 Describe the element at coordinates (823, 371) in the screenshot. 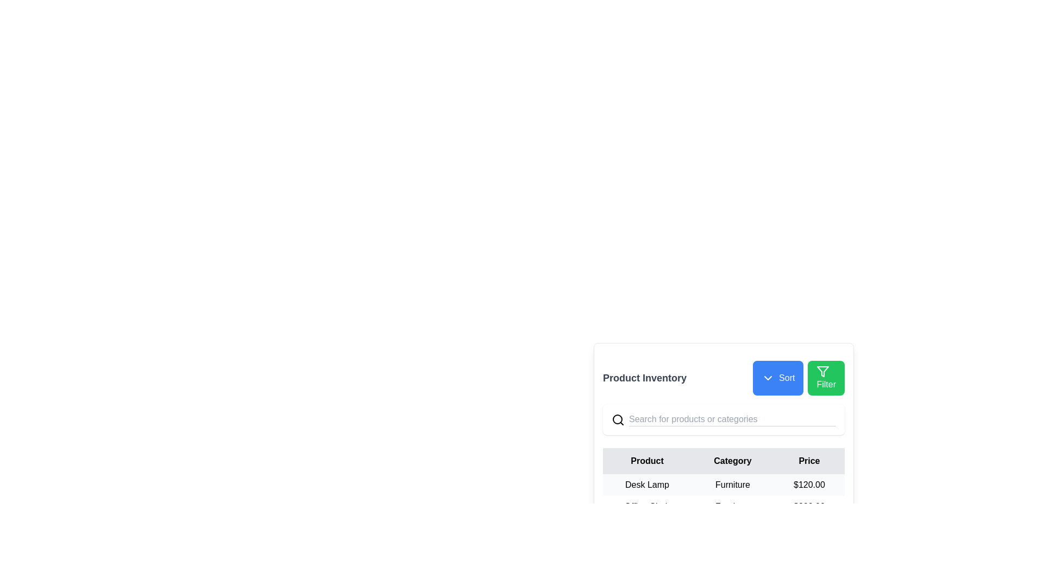

I see `the green circular button icon with a white filter symbol` at that location.